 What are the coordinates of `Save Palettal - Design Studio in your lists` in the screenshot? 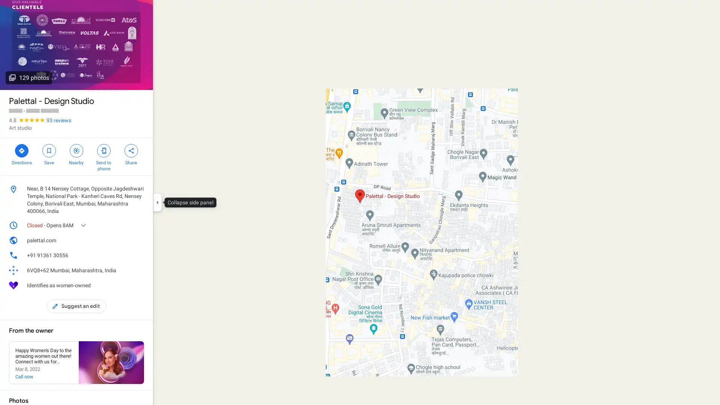 It's located at (48, 153).